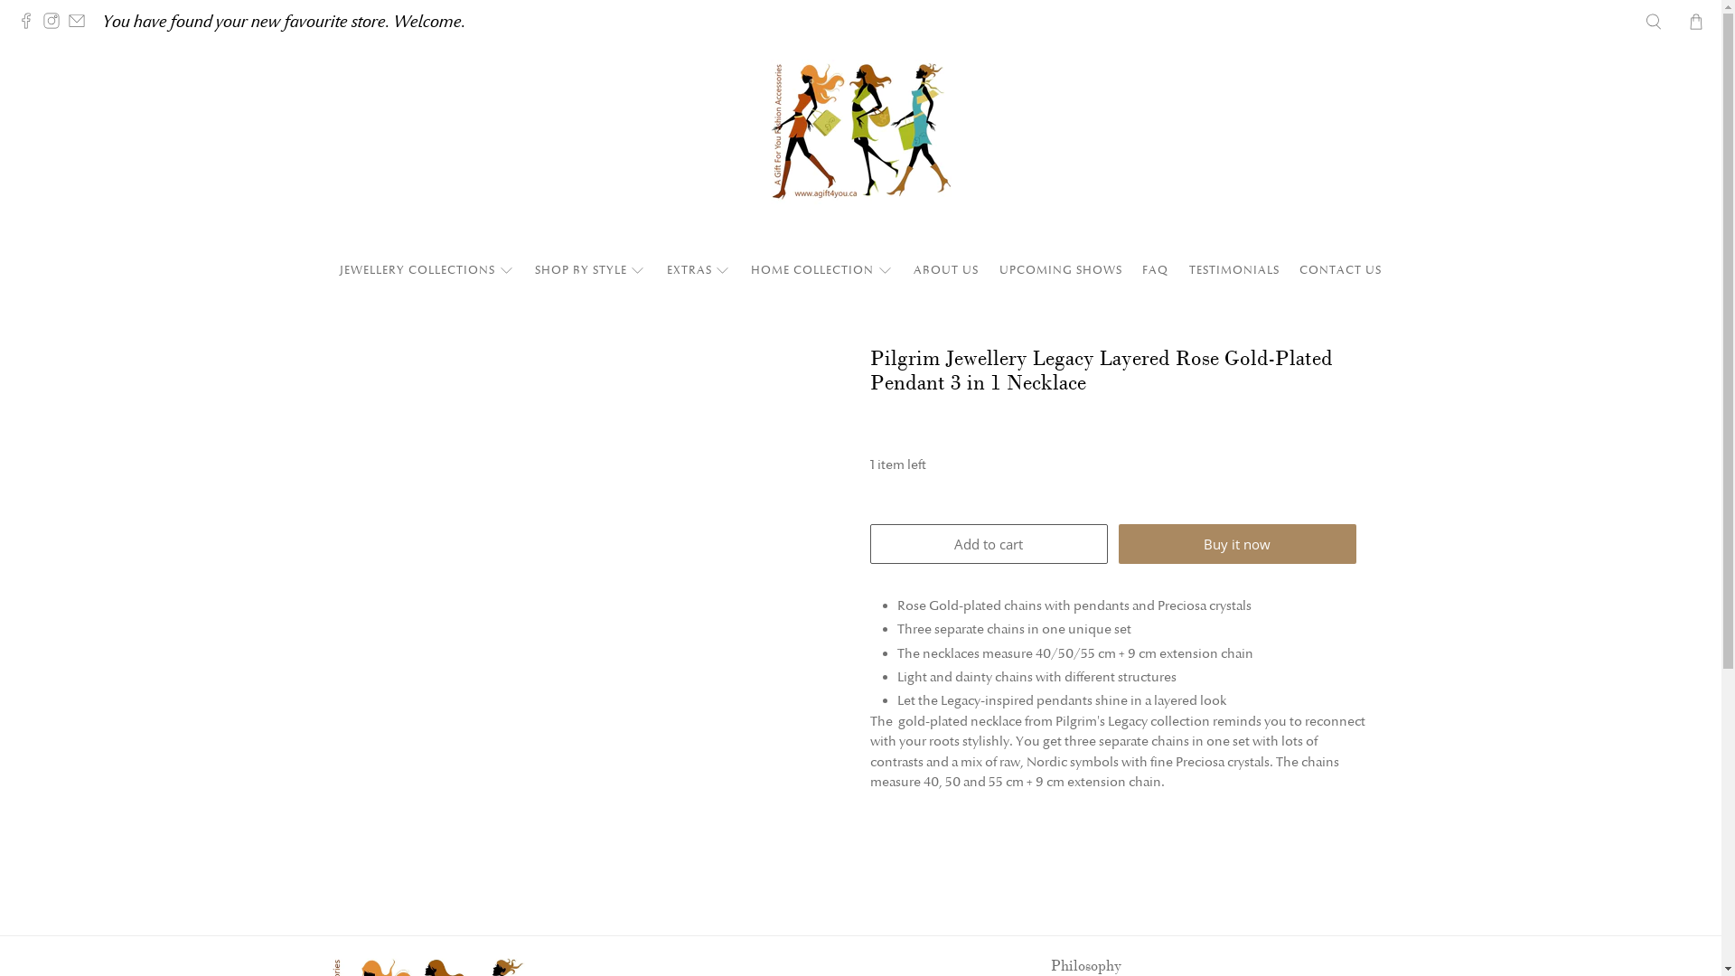  Describe the element at coordinates (821, 270) in the screenshot. I see `'HOME COLLECTION'` at that location.